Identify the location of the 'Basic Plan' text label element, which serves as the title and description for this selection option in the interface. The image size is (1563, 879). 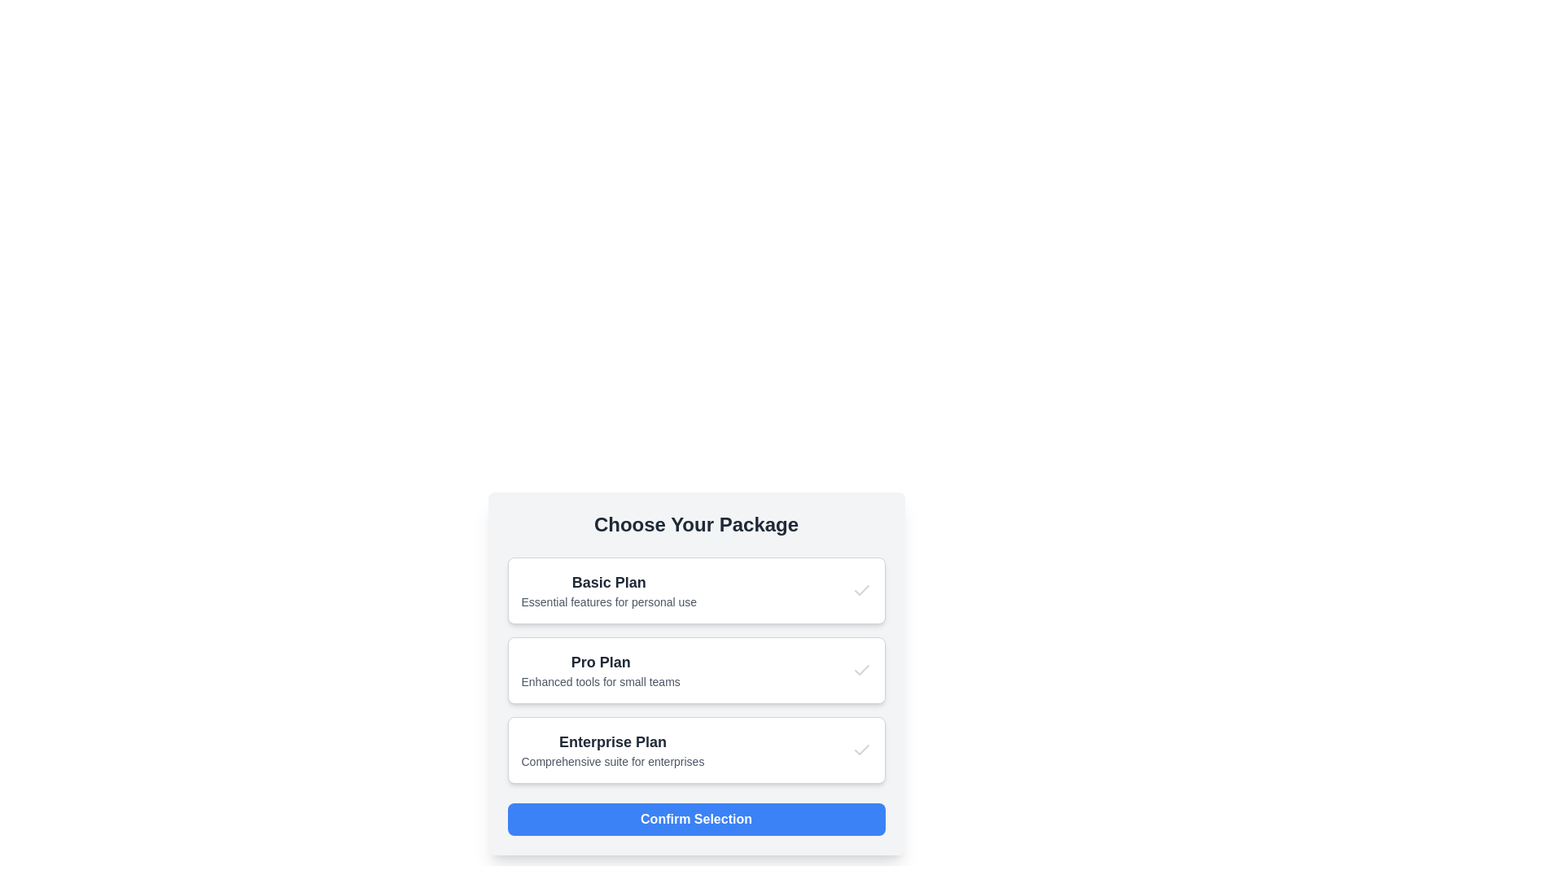
(608, 590).